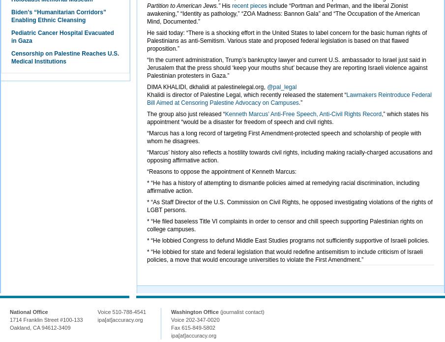  What do you see at coordinates (299, 102) in the screenshot?
I see `'.”'` at bounding box center [299, 102].